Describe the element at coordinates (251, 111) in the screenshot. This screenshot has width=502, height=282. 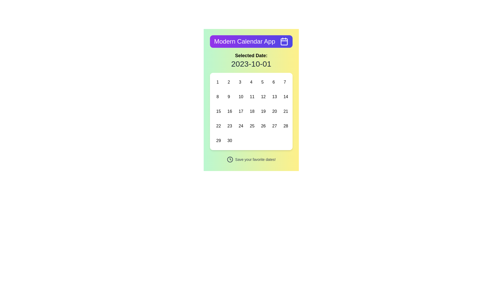
I see `the calendar date button representing '18', located` at that location.